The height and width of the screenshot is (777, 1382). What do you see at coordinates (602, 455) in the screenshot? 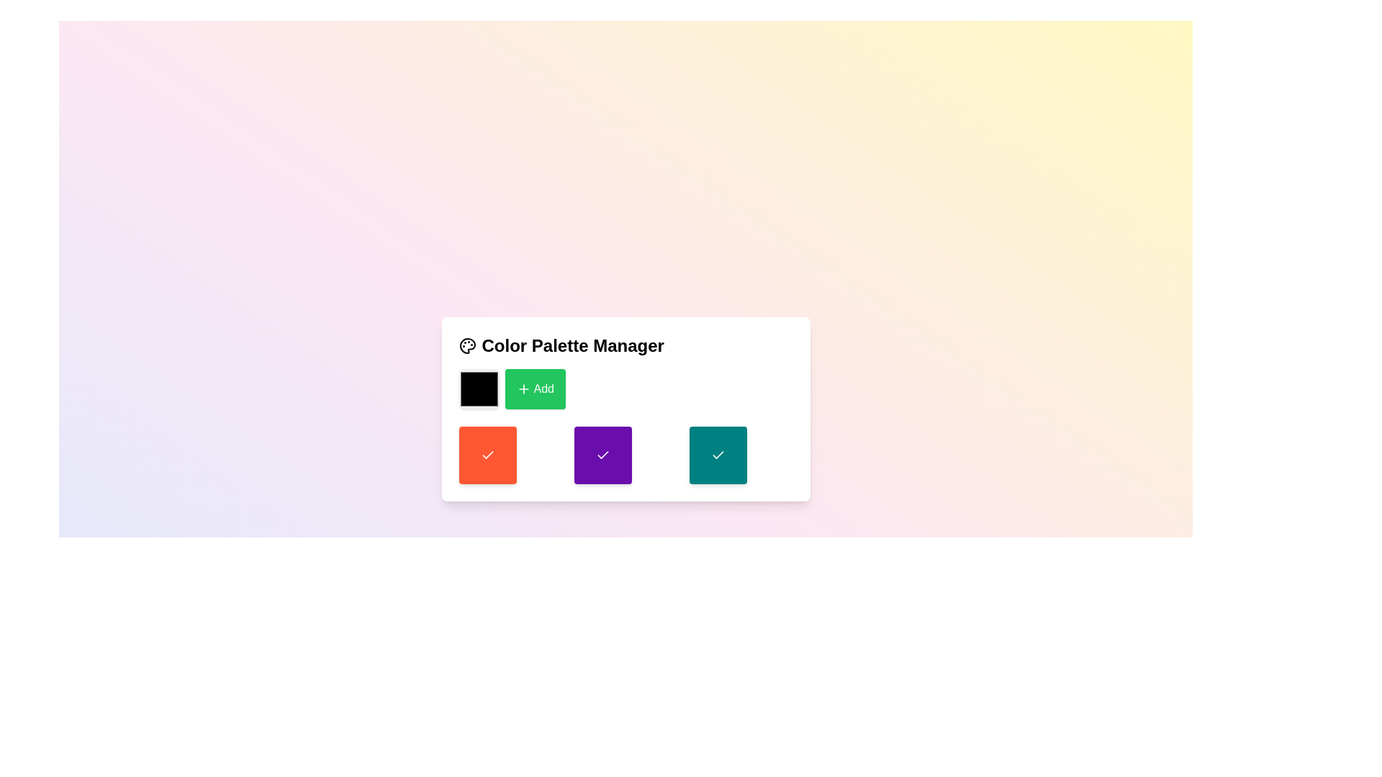
I see `the middle selectable box in the second row of the 'Color Palette Manager'` at bounding box center [602, 455].